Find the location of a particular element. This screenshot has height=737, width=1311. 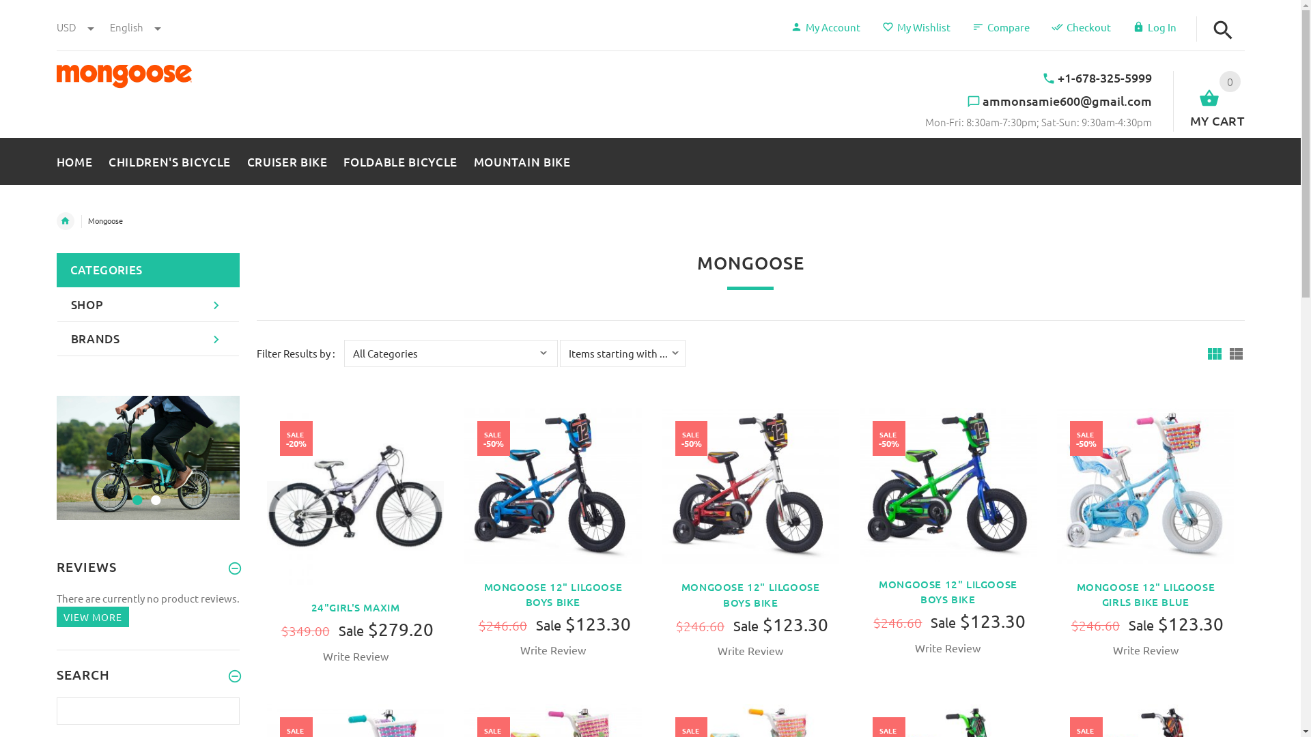

'0 is located at coordinates (1209, 100).